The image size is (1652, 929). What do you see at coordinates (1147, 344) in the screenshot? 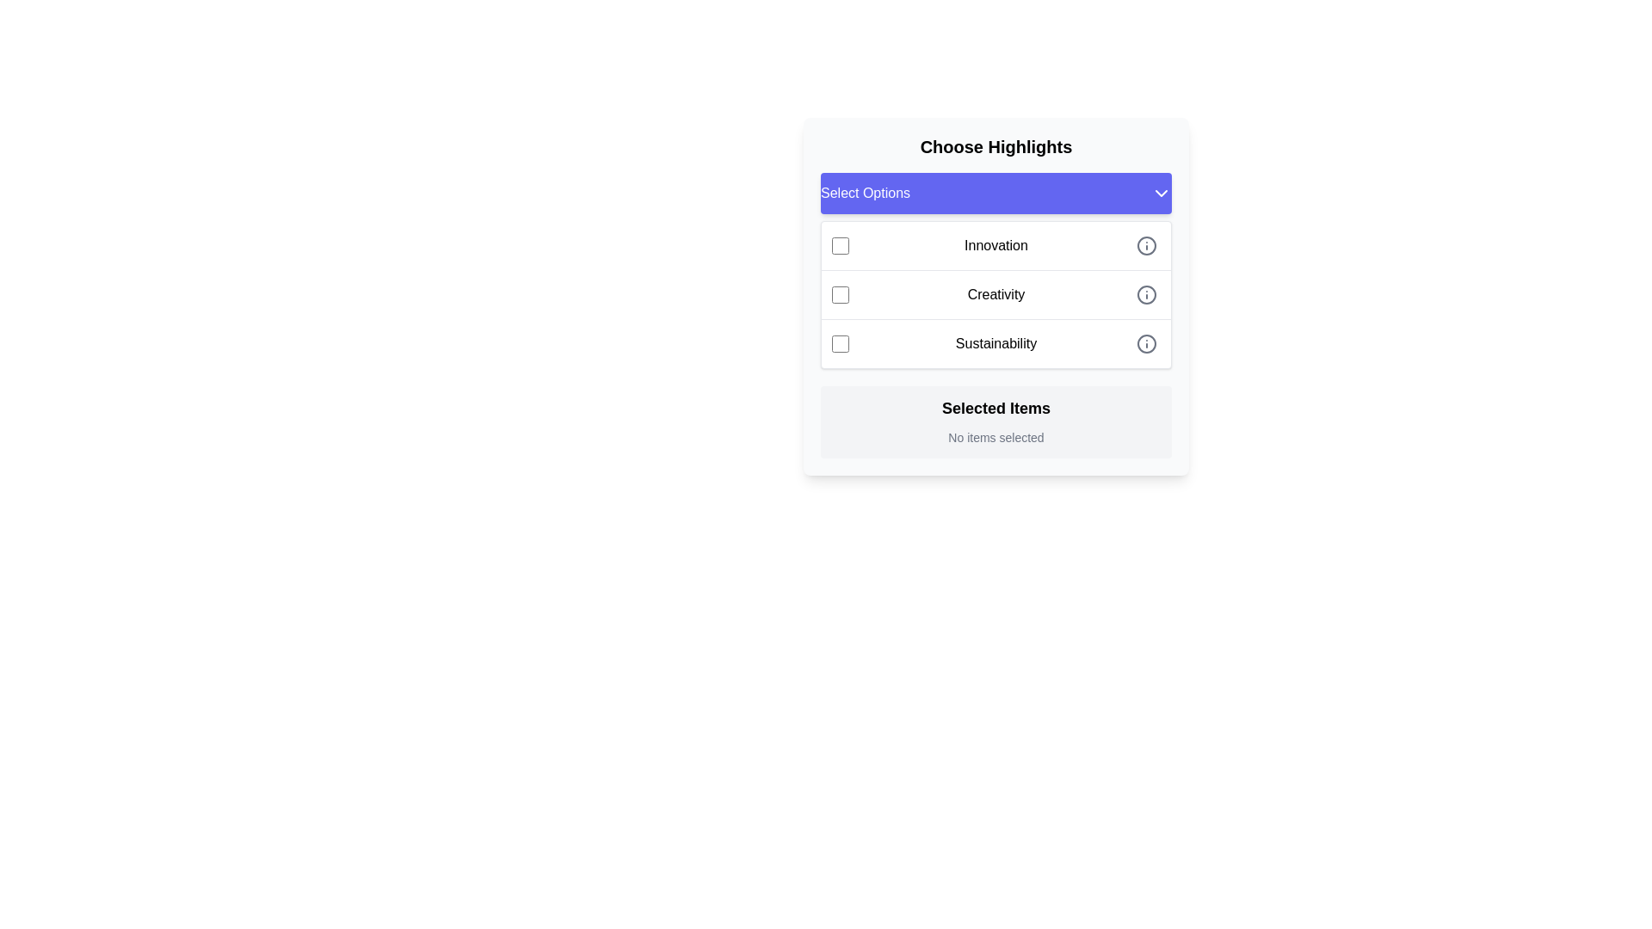
I see `the visual representation of the circular icon component located within the 'Sustainability' list item row, positioned to the right of the text label` at bounding box center [1147, 344].